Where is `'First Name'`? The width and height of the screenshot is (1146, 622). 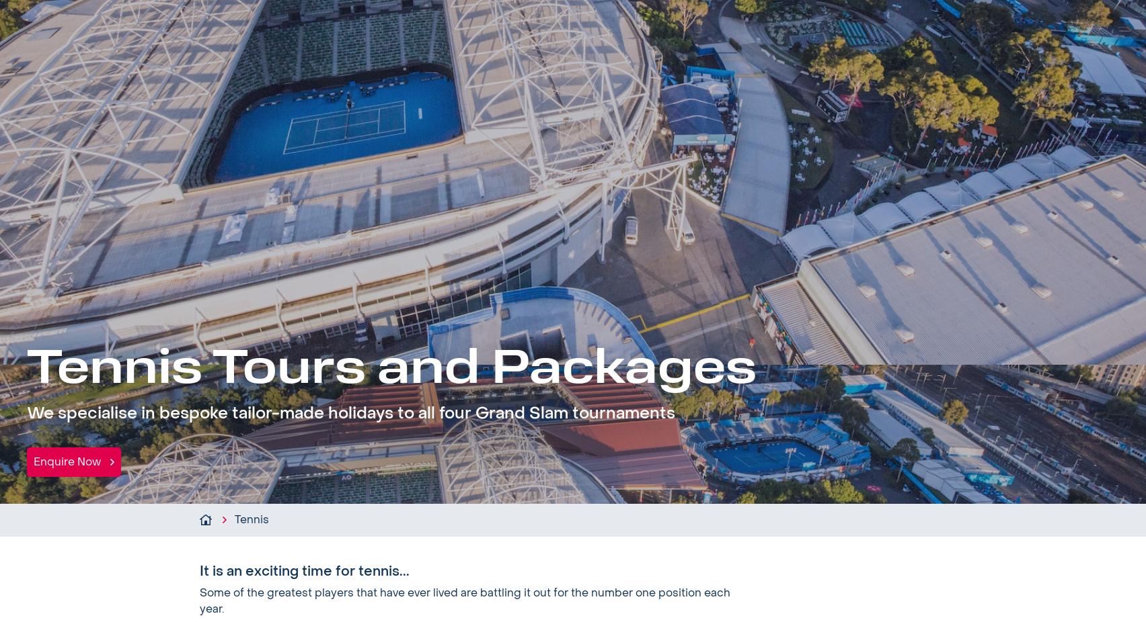
'First Name' is located at coordinates (355, 553).